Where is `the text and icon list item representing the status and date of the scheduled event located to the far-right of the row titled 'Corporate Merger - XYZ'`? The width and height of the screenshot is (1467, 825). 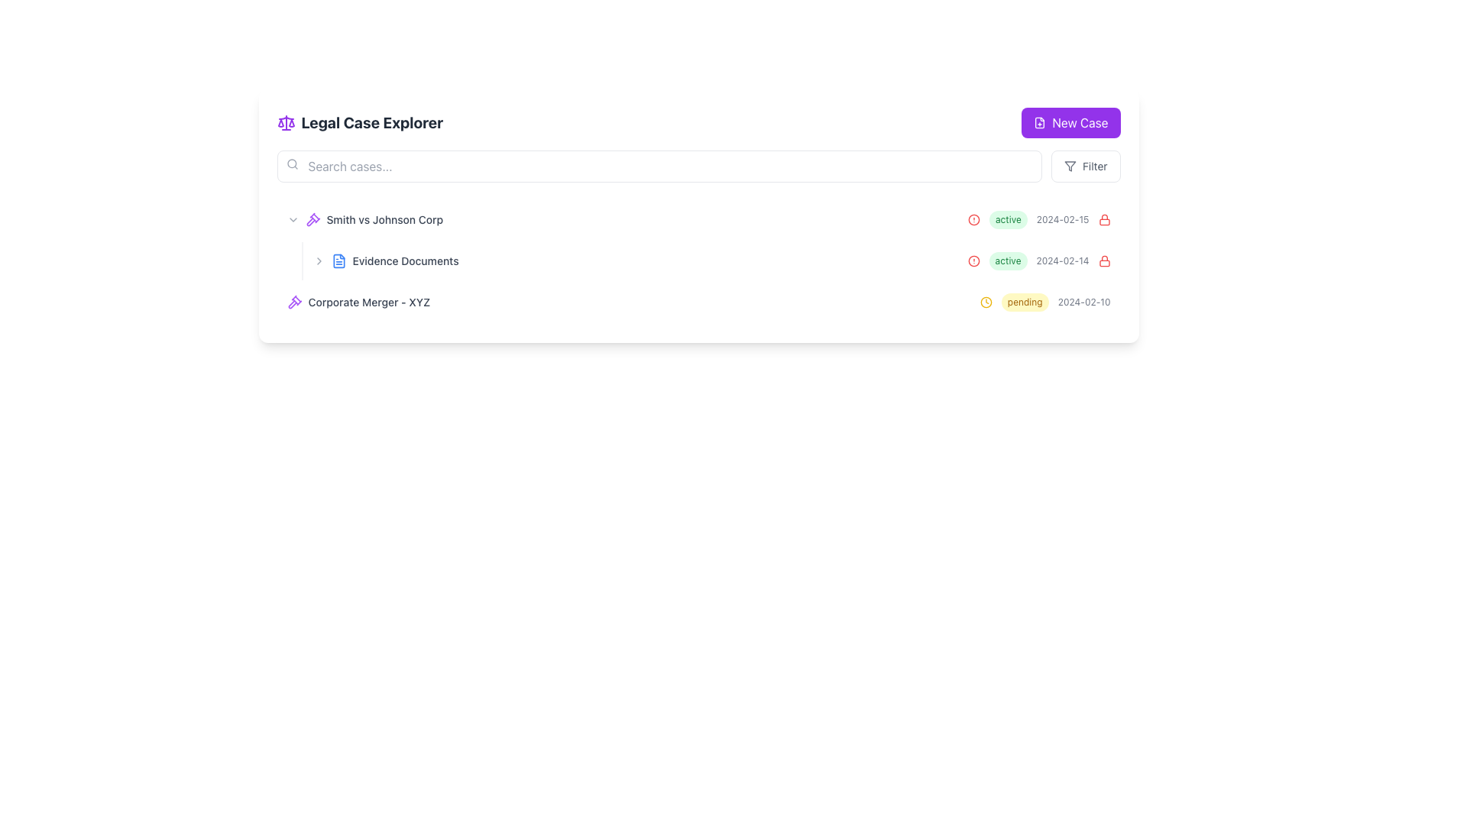
the text and icon list item representing the status and date of the scheduled event located to the far-right of the row titled 'Corporate Merger - XYZ' is located at coordinates (1044, 302).